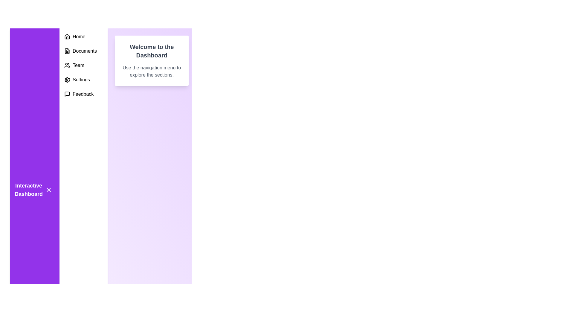  Describe the element at coordinates (49, 190) in the screenshot. I see `the Icon Button located on the left side of the interface in the vertical purple sidebar` at that location.